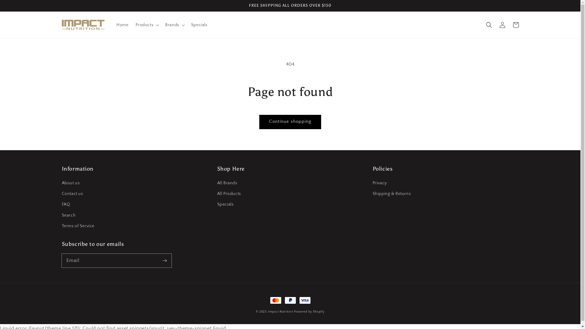 This screenshot has width=585, height=329. What do you see at coordinates (379, 184) in the screenshot?
I see `'Privacy'` at bounding box center [379, 184].